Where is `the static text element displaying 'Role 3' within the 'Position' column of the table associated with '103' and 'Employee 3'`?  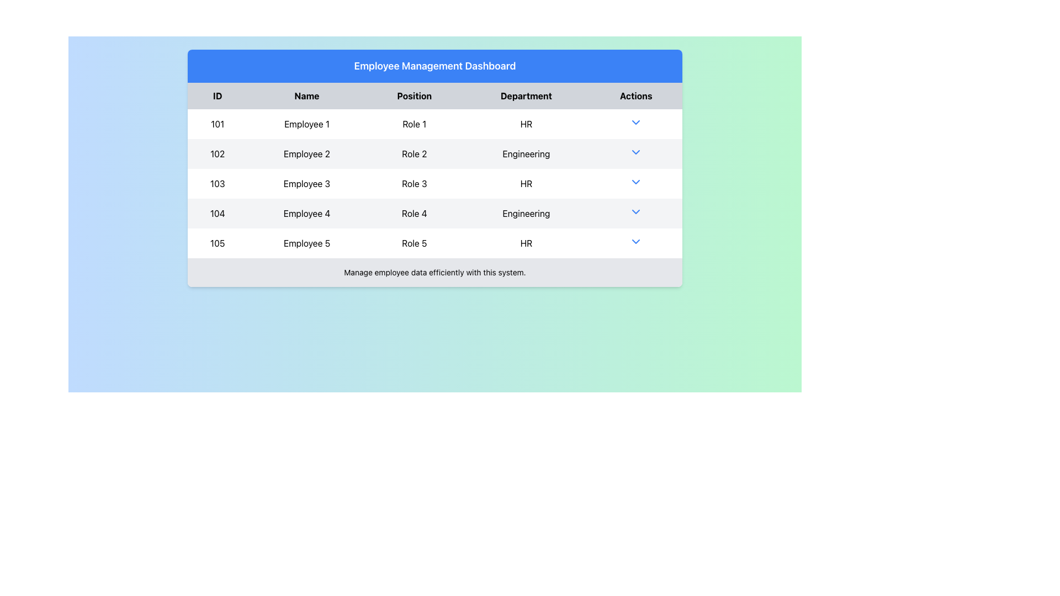 the static text element displaying 'Role 3' within the 'Position' column of the table associated with '103' and 'Employee 3' is located at coordinates (414, 183).